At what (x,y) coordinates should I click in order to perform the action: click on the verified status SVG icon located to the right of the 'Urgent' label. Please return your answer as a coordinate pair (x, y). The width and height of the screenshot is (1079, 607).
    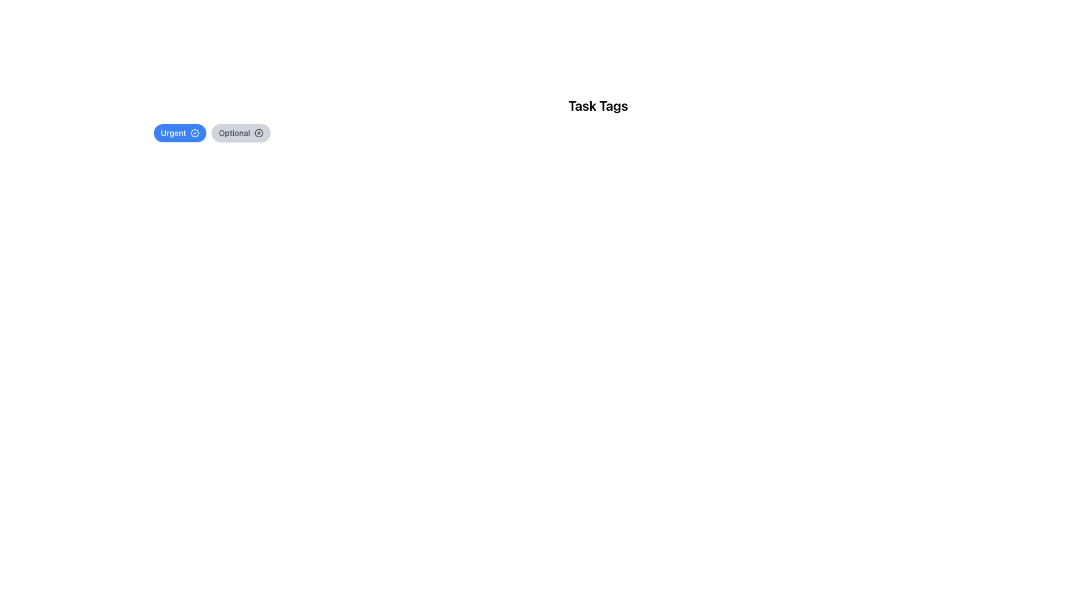
    Looking at the image, I should click on (195, 132).